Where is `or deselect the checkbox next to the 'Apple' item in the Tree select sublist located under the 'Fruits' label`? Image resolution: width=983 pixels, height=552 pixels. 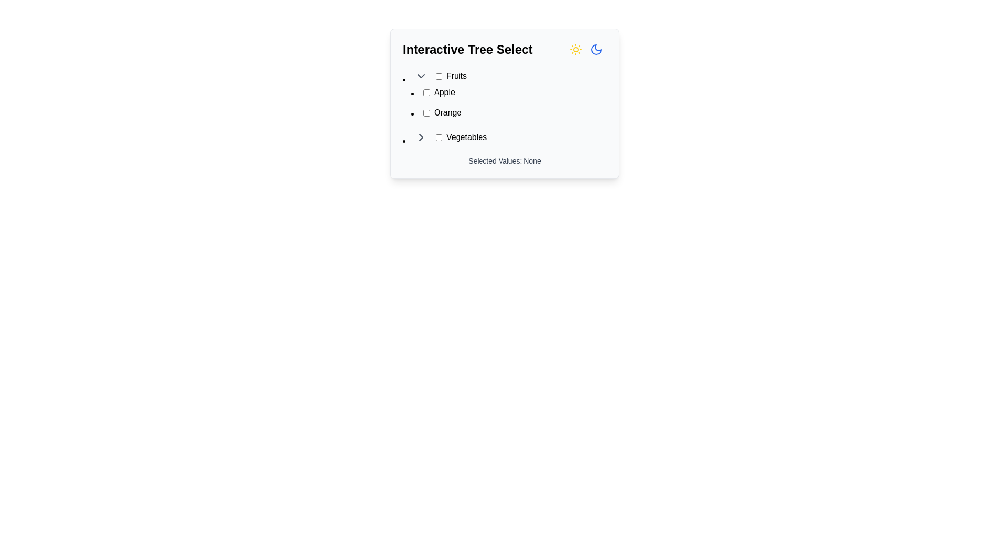 or deselect the checkbox next to the 'Apple' item in the Tree select sublist located under the 'Fruits' label is located at coordinates (504, 102).